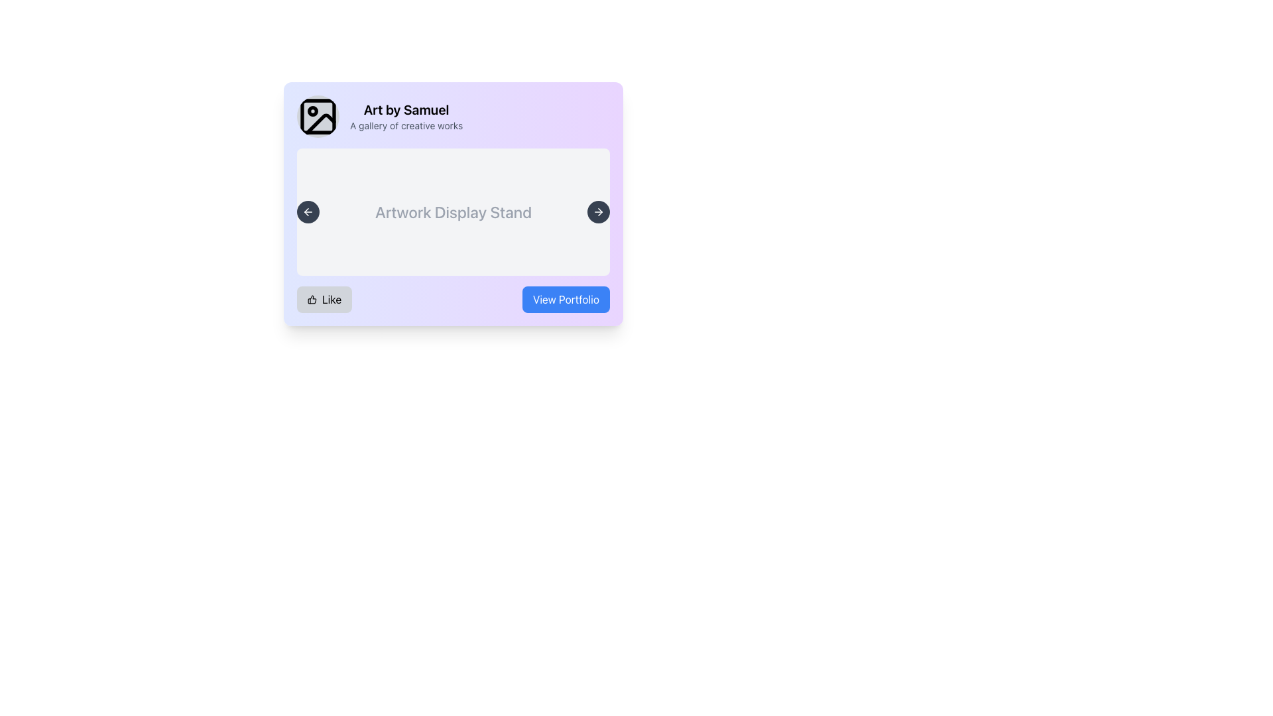  What do you see at coordinates (311, 299) in the screenshot?
I see `the thumbs-up icon located to the left of the 'Like' button in the bottom-left section of the card interface` at bounding box center [311, 299].